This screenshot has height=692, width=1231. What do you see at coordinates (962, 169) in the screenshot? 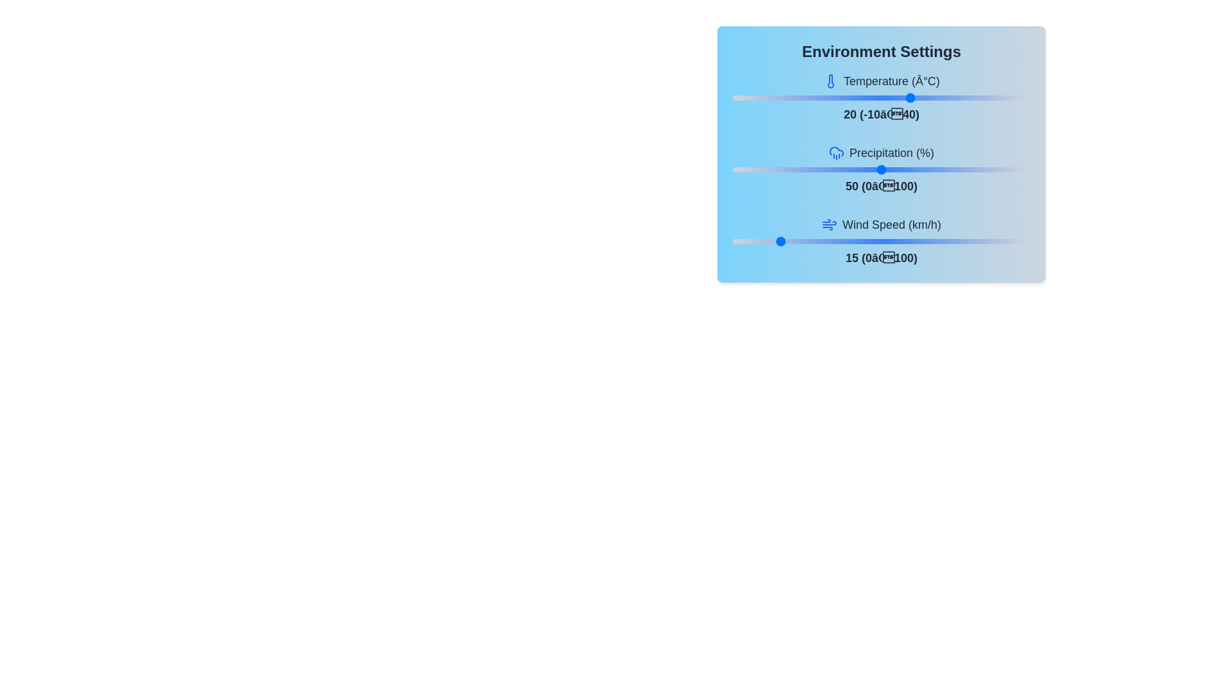
I see `the precipitation level` at bounding box center [962, 169].